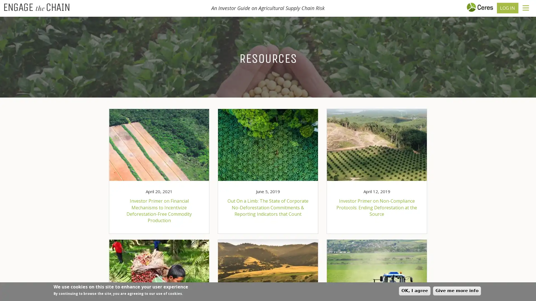  What do you see at coordinates (457, 290) in the screenshot?
I see `Give me more info` at bounding box center [457, 290].